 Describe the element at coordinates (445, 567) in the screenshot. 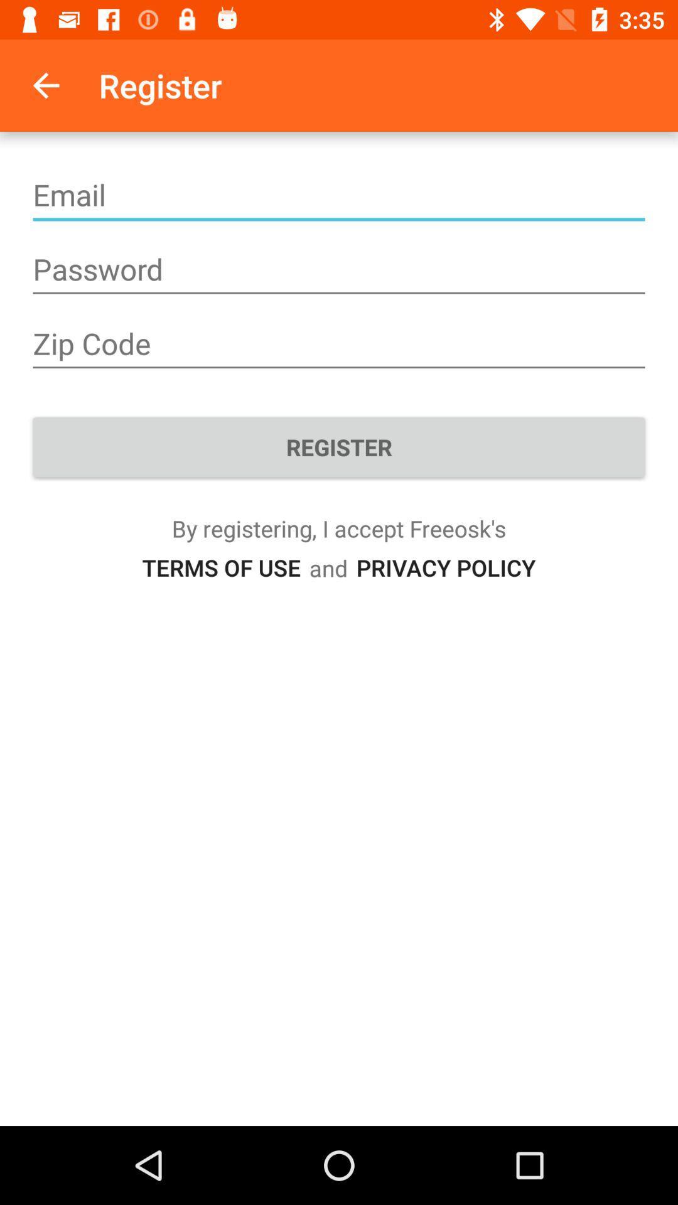

I see `the icon next to and` at that location.